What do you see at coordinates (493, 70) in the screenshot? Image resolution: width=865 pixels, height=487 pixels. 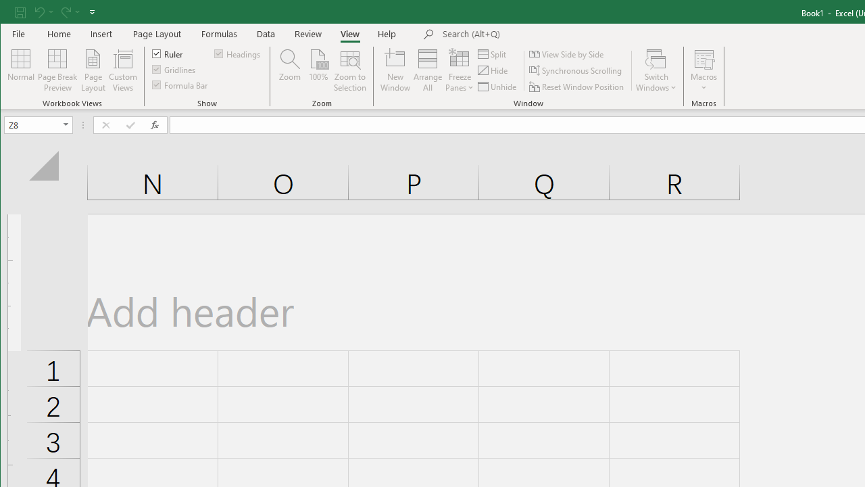 I see `'Hide'` at bounding box center [493, 70].